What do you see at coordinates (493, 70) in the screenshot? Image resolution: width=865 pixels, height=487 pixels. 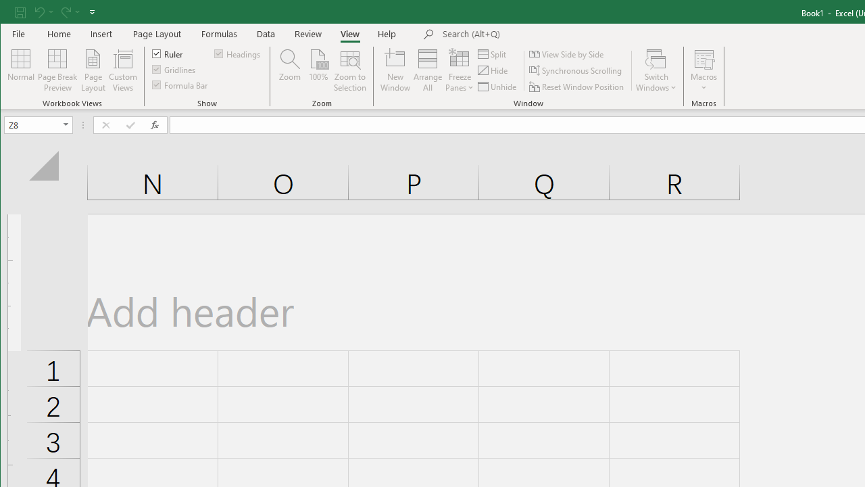 I see `'Hide'` at bounding box center [493, 70].